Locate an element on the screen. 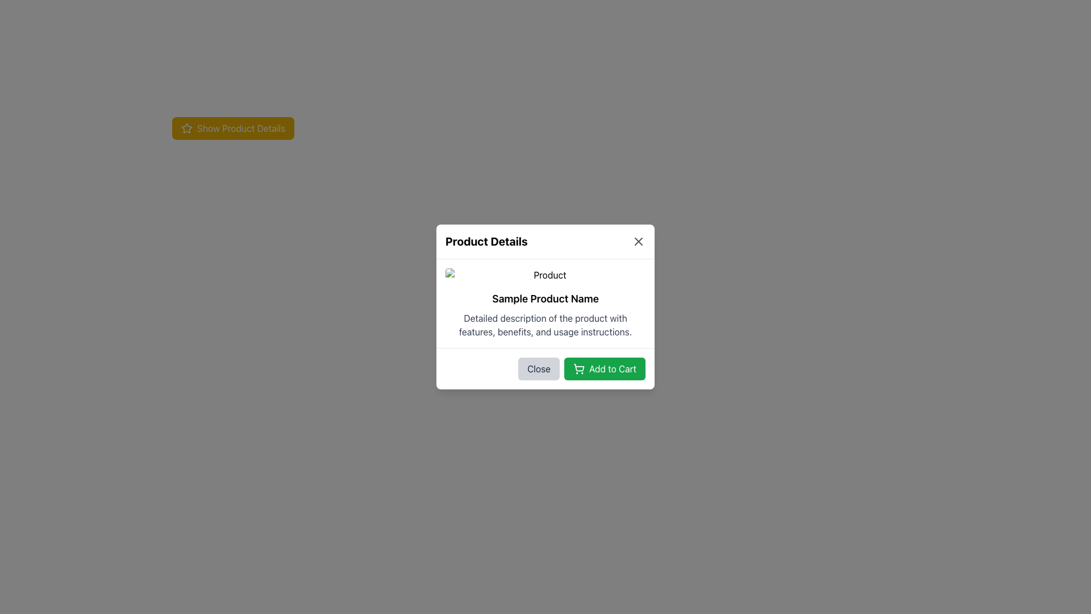  the Close Button icon located at the top right corner of the 'Product Details' modal to observe a color change effect is located at coordinates (638, 240).